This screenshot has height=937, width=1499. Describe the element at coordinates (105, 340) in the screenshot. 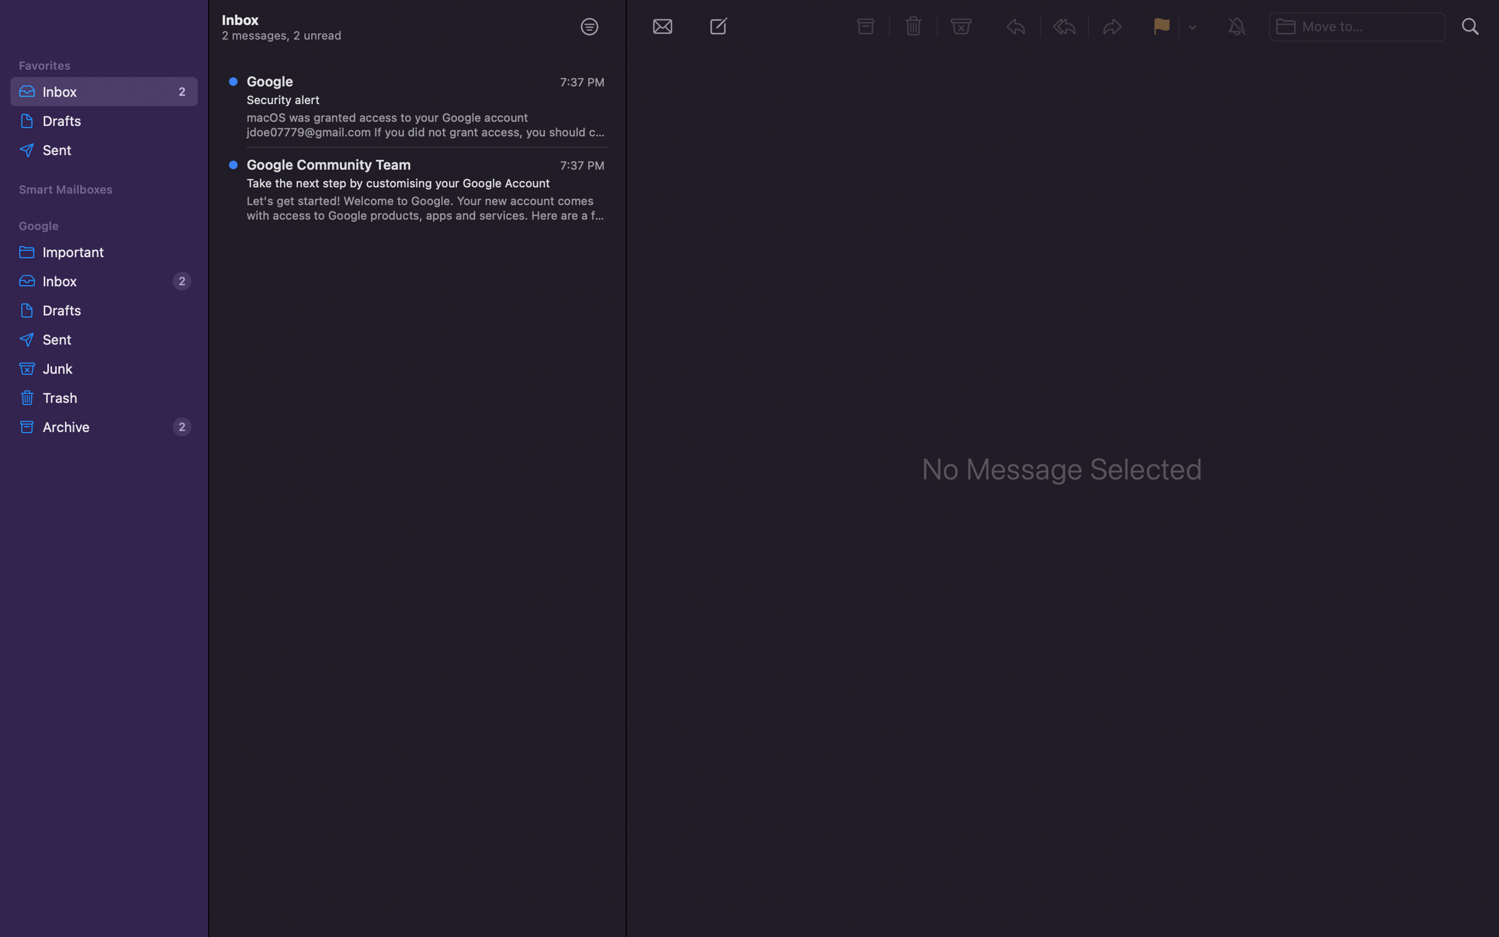

I see `the sent email folder` at that location.